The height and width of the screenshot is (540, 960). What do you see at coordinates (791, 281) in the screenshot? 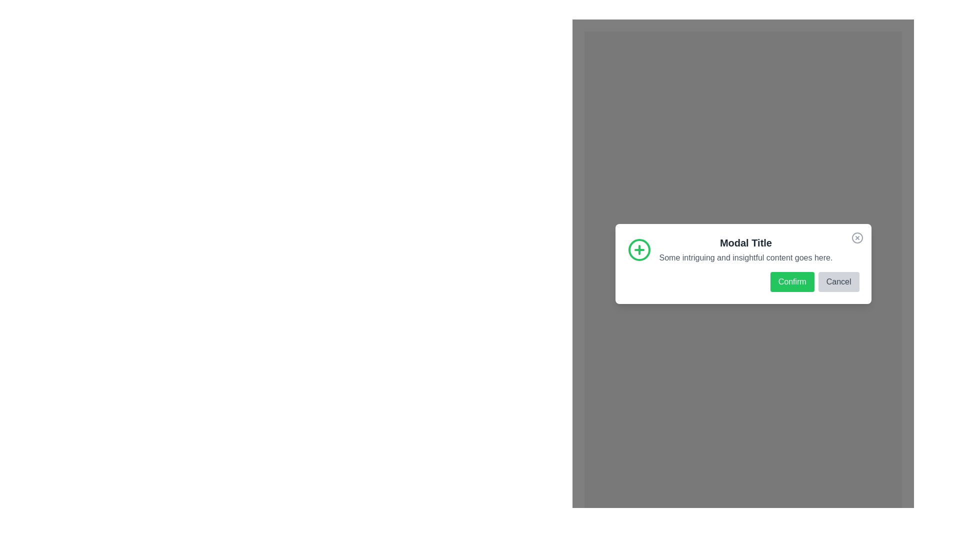
I see `the 'Confirm' button located at the bottom-right of the modal to finalize the current operation or form submission` at bounding box center [791, 281].